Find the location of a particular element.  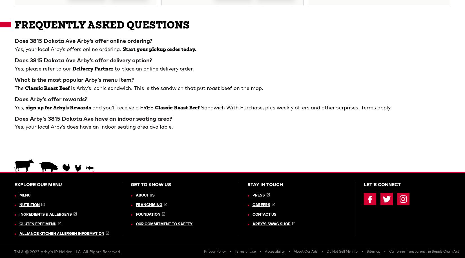

'Alliance Kitchen Allergen Information' is located at coordinates (61, 37).